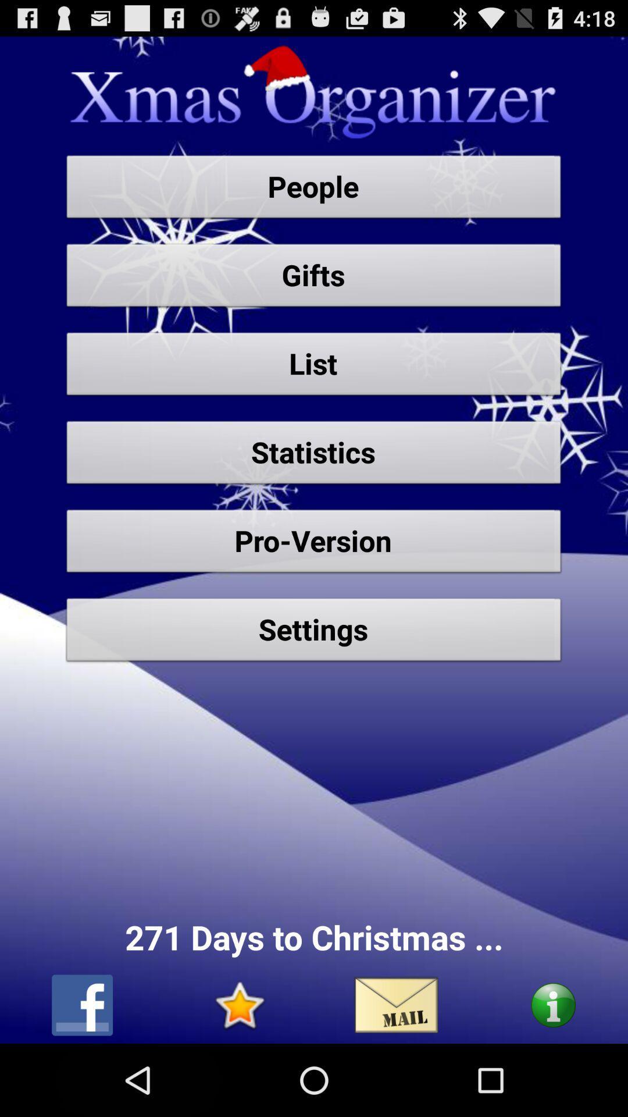  Describe the element at coordinates (81, 1075) in the screenshot. I see `the facebook icon` at that location.